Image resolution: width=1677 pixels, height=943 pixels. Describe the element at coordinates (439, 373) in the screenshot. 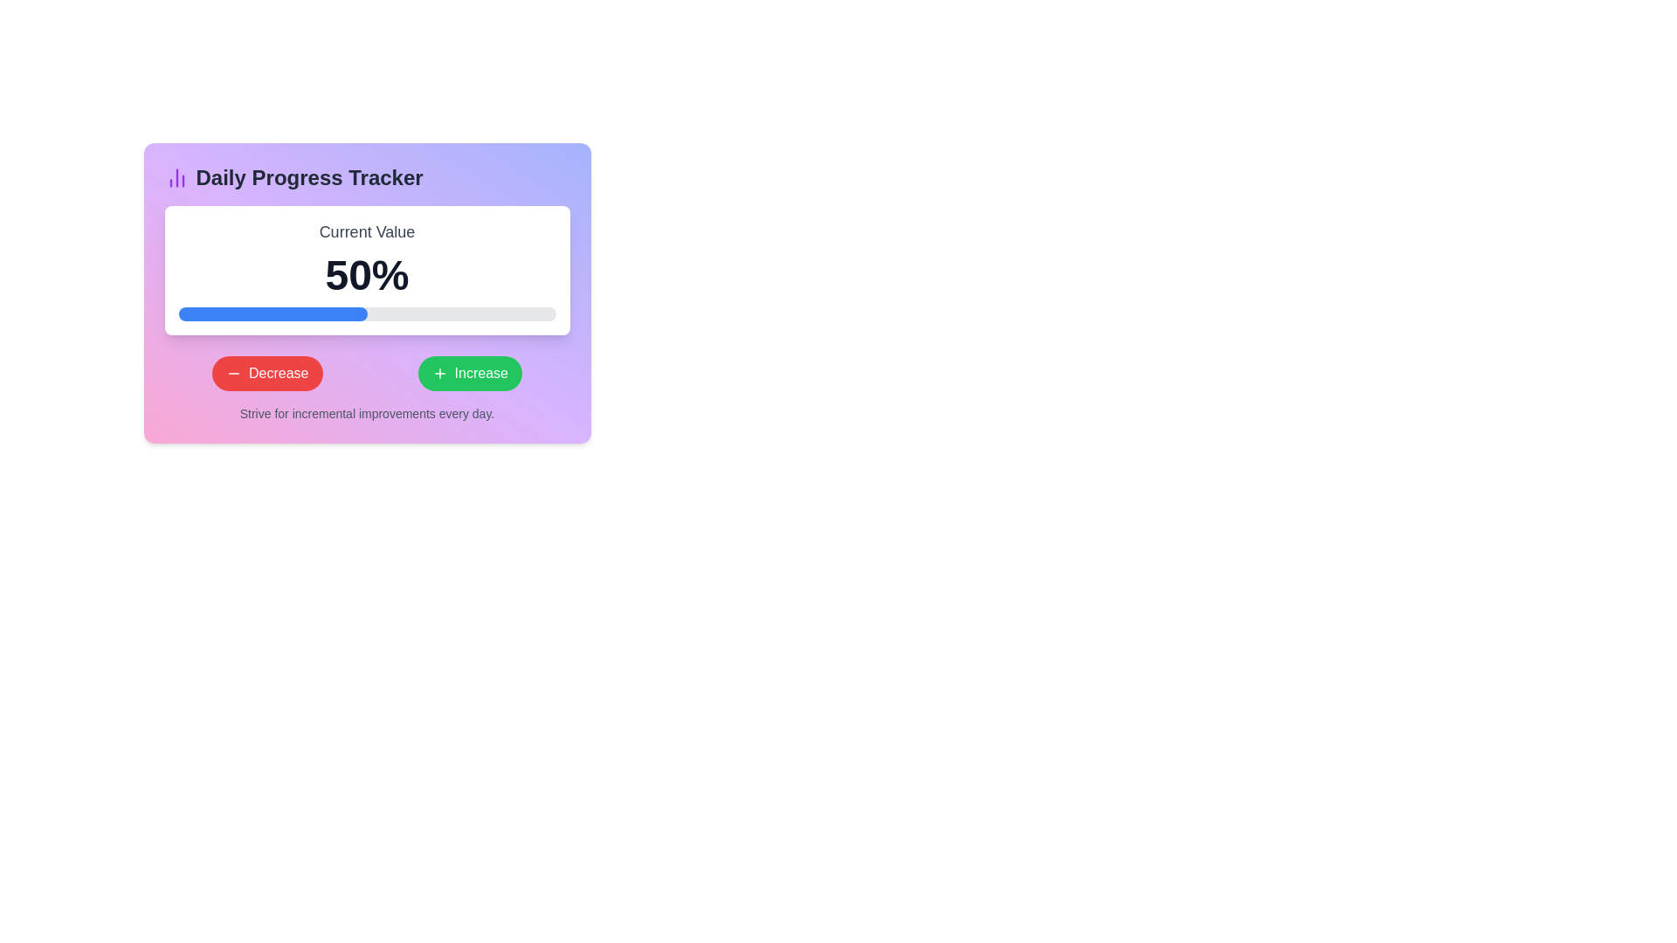

I see `the green button labeled 'Increase' which contains a small plus sign icon` at that location.